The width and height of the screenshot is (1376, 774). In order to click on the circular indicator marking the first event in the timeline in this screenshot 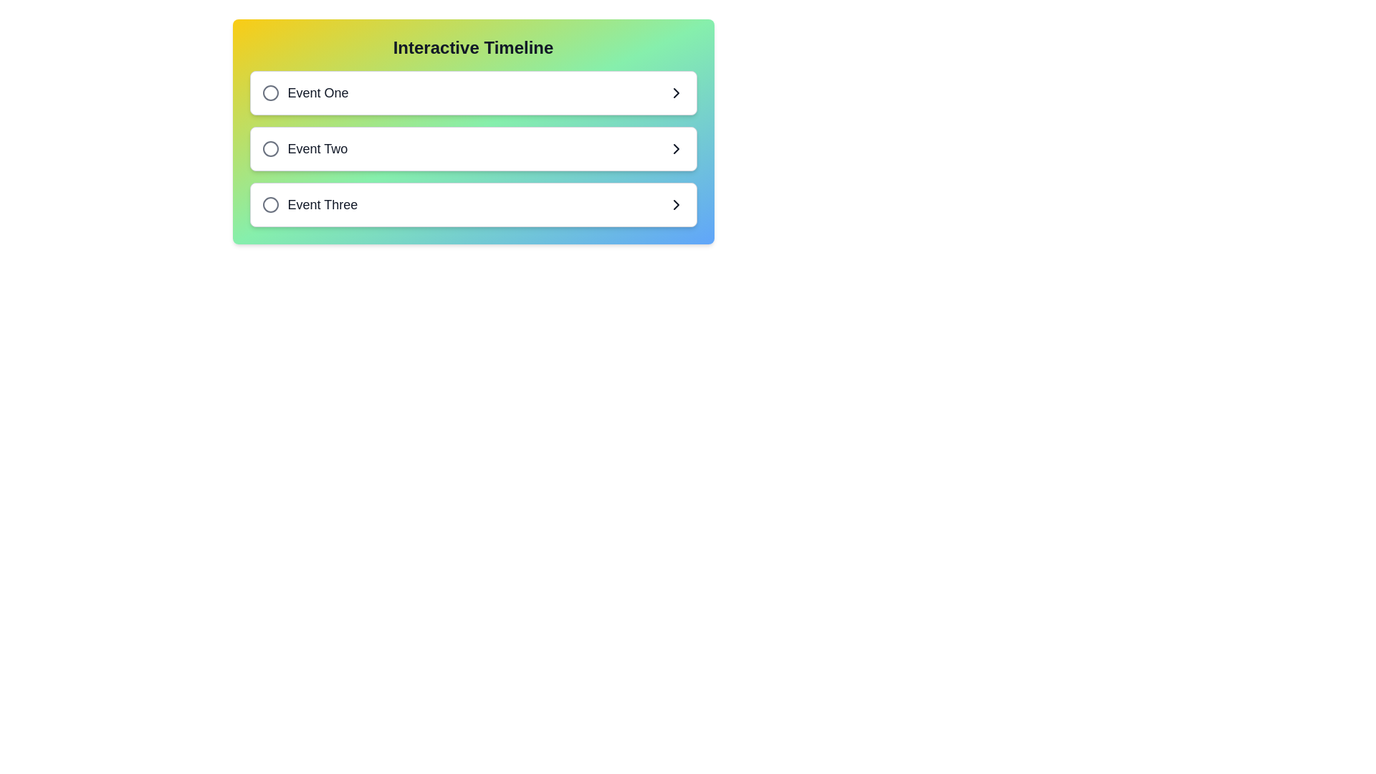, I will do `click(270, 93)`.